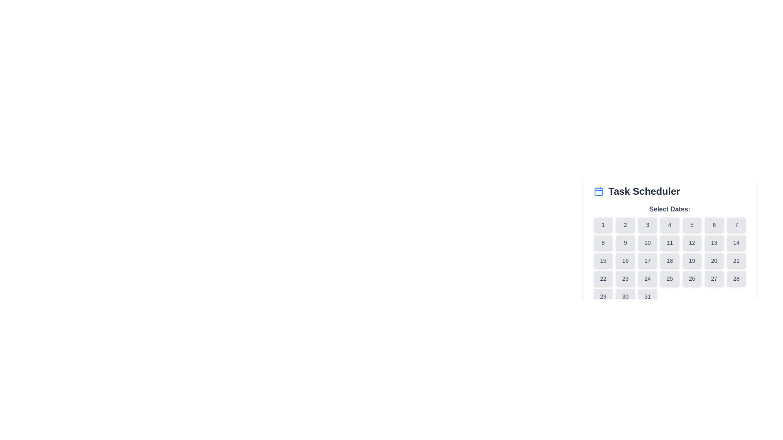 The width and height of the screenshot is (783, 440). Describe the element at coordinates (670, 254) in the screenshot. I see `a date button in the calendar grid` at that location.